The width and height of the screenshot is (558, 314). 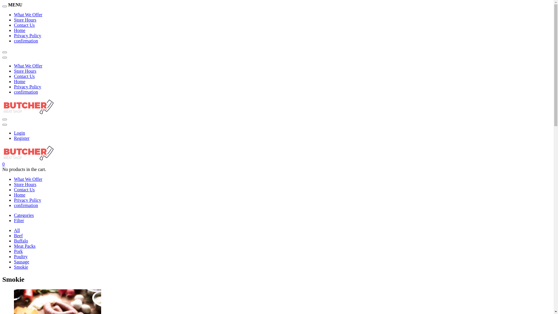 I want to click on 'Register', so click(x=22, y=138).